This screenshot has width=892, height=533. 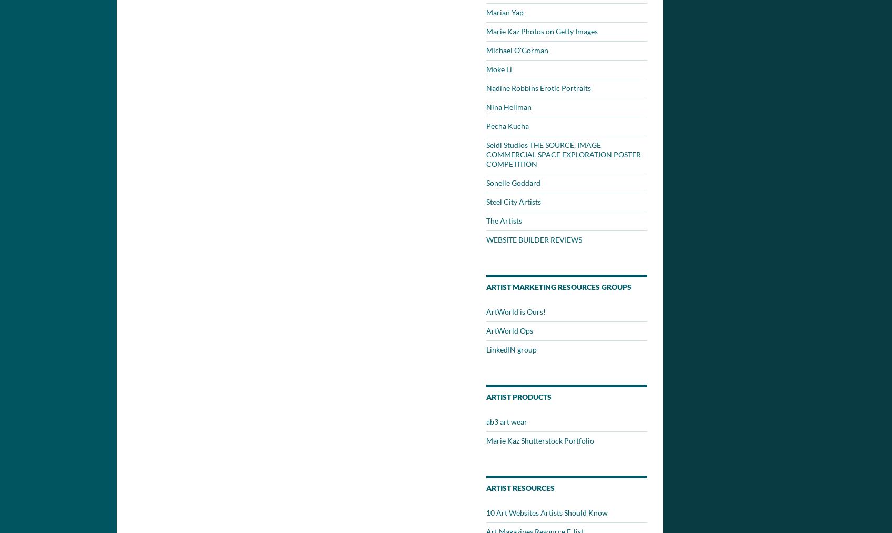 I want to click on 'WEBSITE BUILDER REVIEWS', so click(x=486, y=239).